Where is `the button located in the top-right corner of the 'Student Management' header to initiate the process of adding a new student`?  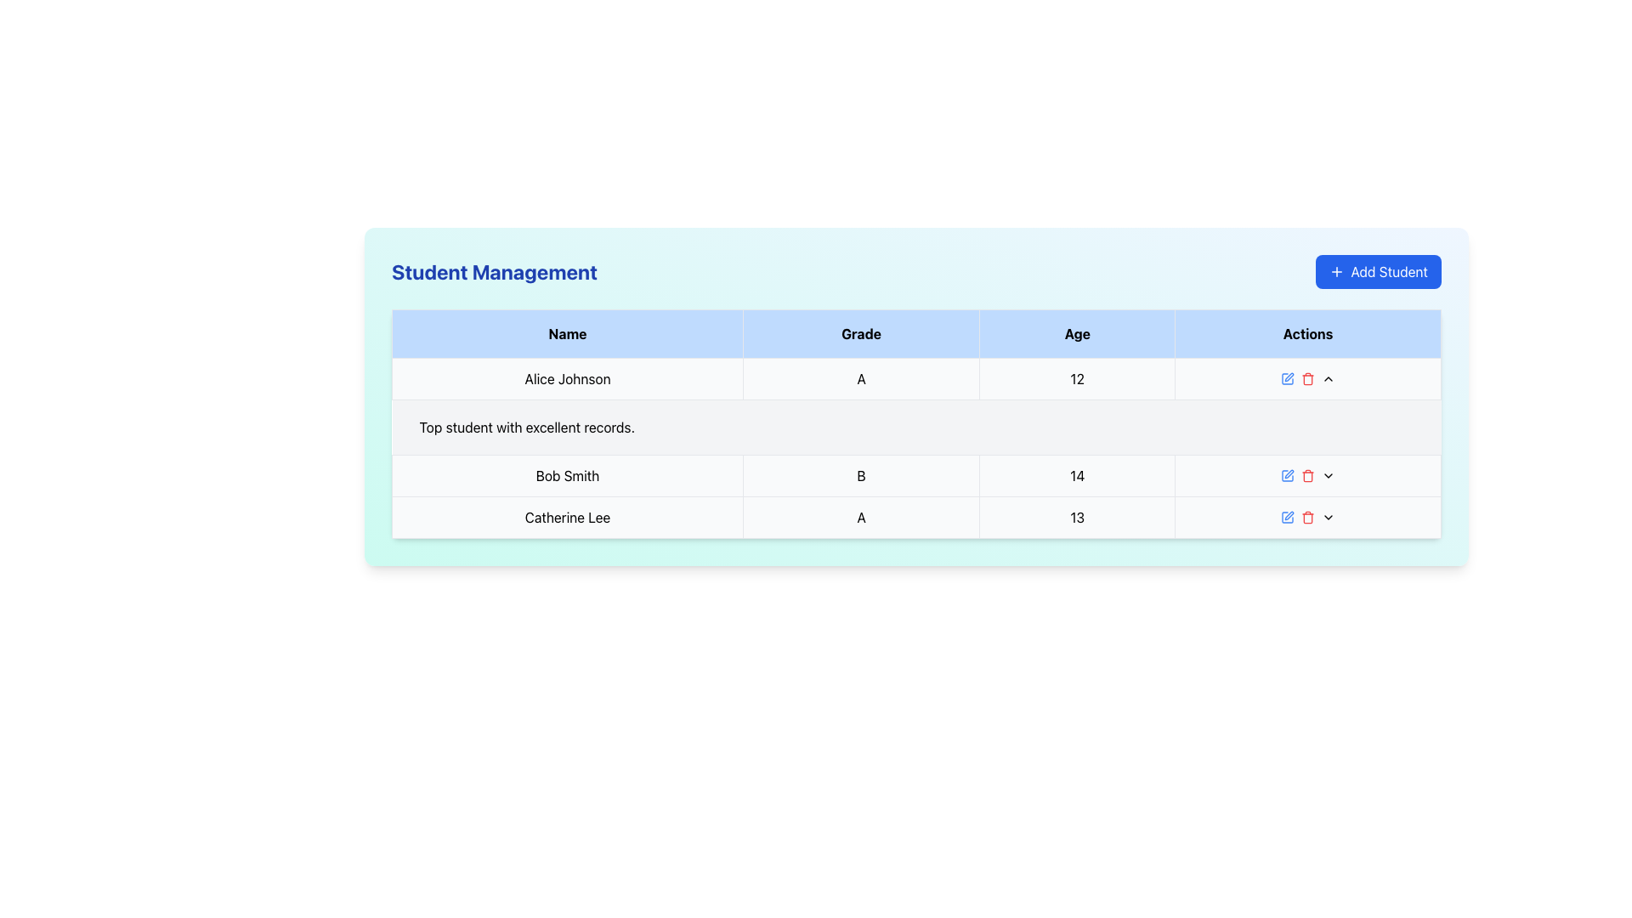
the button located in the top-right corner of the 'Student Management' header to initiate the process of adding a new student is located at coordinates (1378, 271).